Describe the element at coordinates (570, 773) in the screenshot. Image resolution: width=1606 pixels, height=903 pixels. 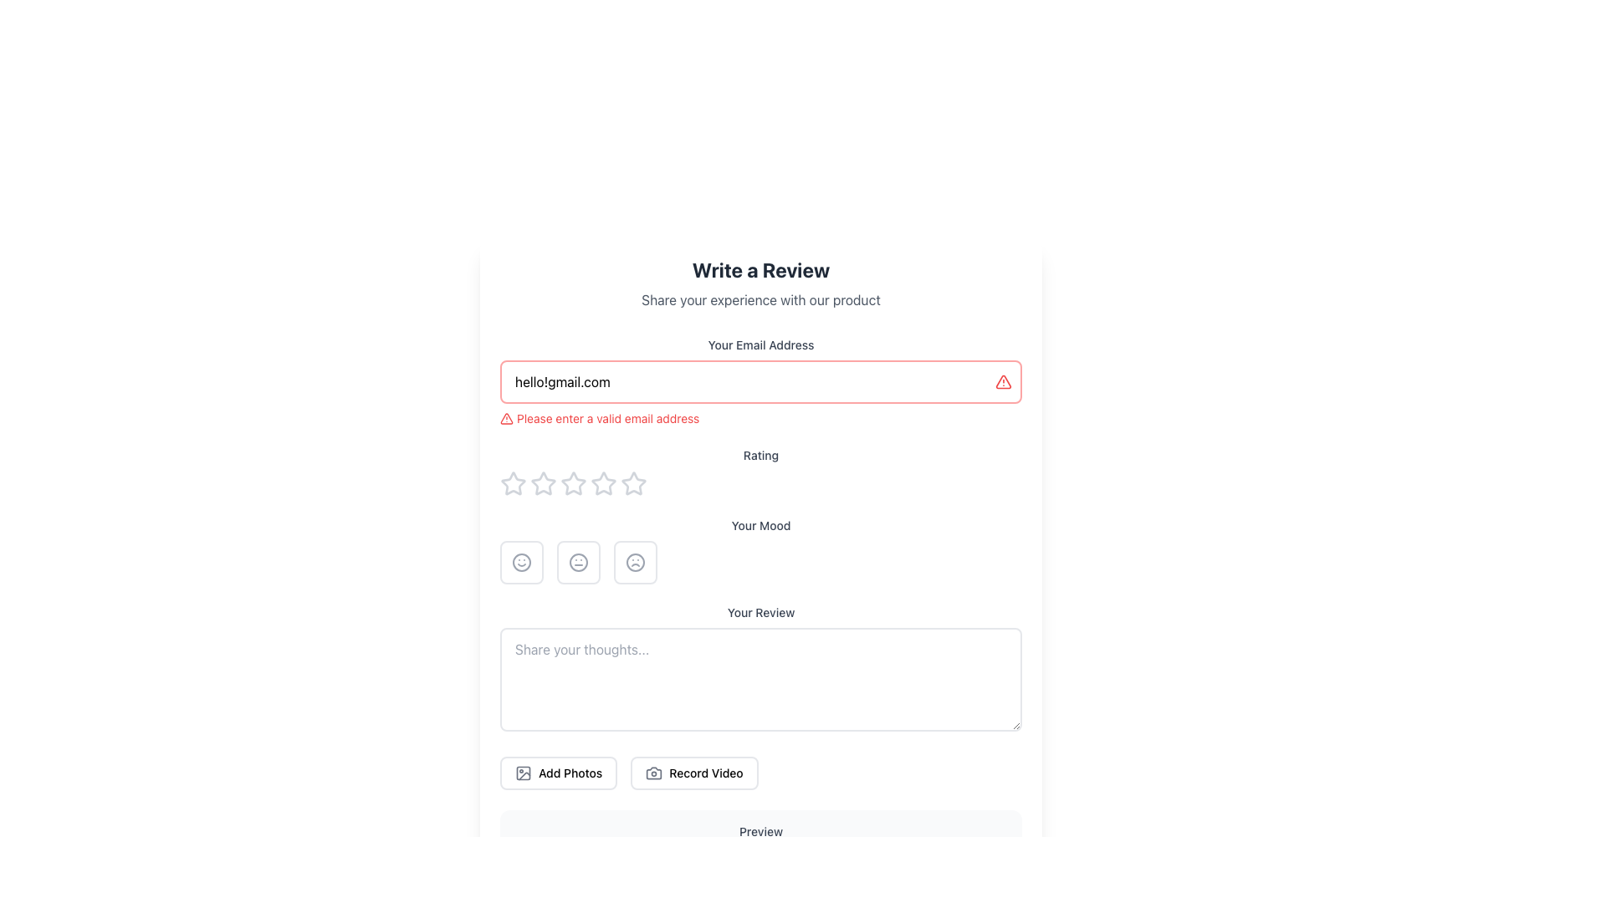
I see `the 'Add Photos' text label, which is bold and medium-sized, located to the right of a picture frame icon in the bottom section of the layout` at that location.